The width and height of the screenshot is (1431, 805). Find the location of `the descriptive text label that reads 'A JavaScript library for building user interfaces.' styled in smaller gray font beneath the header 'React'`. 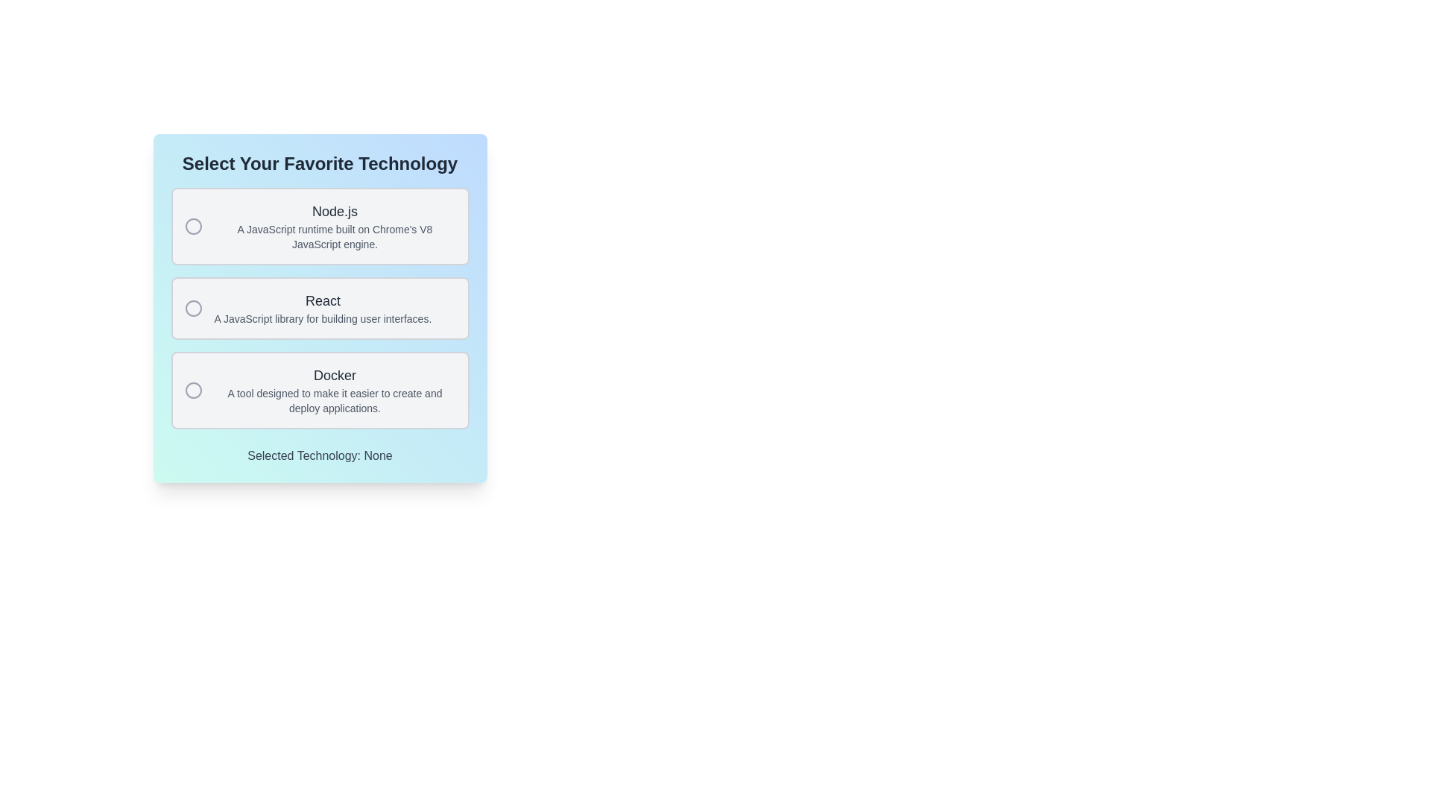

the descriptive text label that reads 'A JavaScript library for building user interfaces.' styled in smaller gray font beneath the header 'React' is located at coordinates (322, 318).